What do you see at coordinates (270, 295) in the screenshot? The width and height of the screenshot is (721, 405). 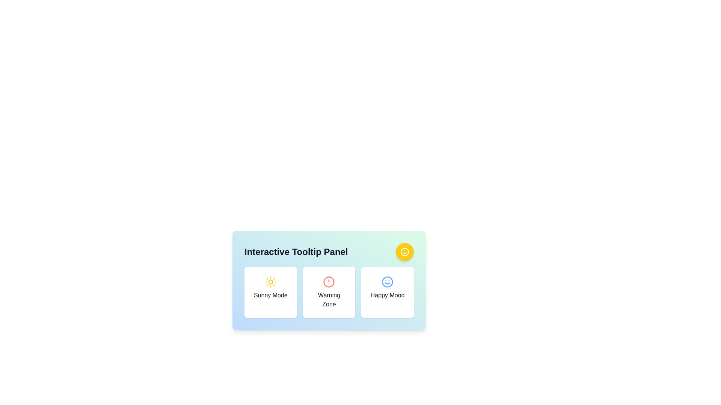 I see `text 'Sunny Mode' which is styled in medium font and located below a yellow sun icon on the leftmost card of a three-card horizontal layout` at bounding box center [270, 295].